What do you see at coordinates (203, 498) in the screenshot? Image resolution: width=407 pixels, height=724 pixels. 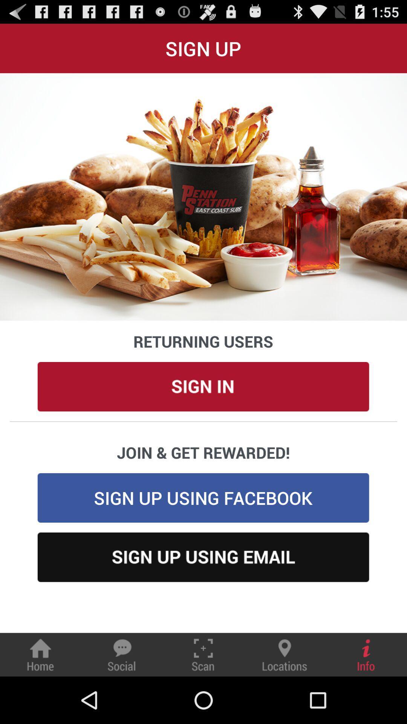 I see `sign up using facebook` at bounding box center [203, 498].